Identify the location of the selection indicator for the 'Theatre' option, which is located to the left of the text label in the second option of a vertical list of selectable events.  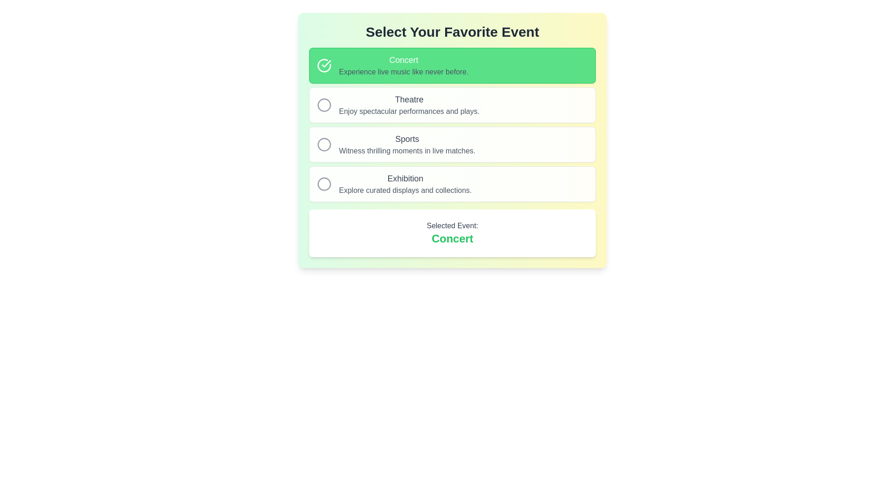
(324, 104).